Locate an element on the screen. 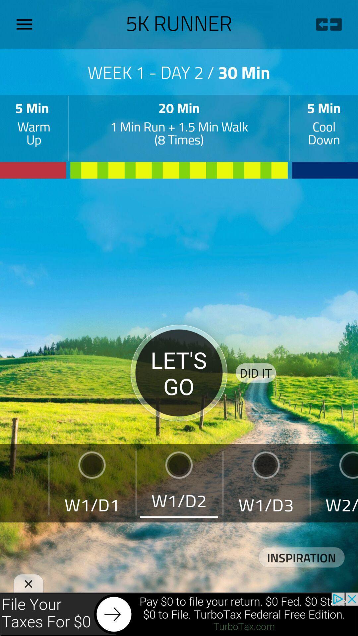 The width and height of the screenshot is (358, 636). open the menu is located at coordinates (27, 24).